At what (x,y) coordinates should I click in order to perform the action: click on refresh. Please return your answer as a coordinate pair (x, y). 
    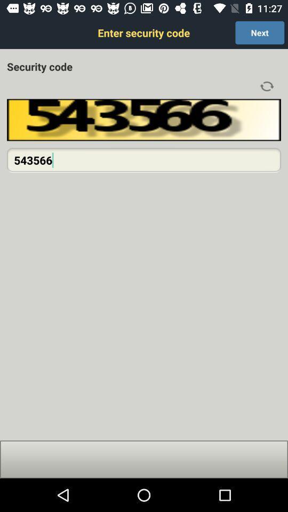
    Looking at the image, I should click on (266, 86).